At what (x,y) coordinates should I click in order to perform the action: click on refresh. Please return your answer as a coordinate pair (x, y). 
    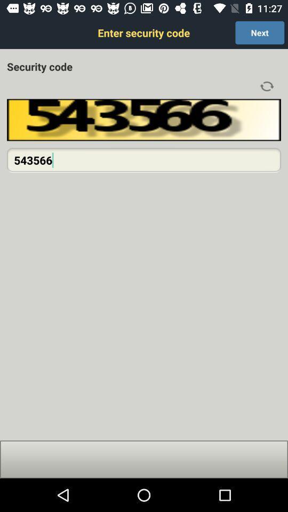
    Looking at the image, I should click on (266, 86).